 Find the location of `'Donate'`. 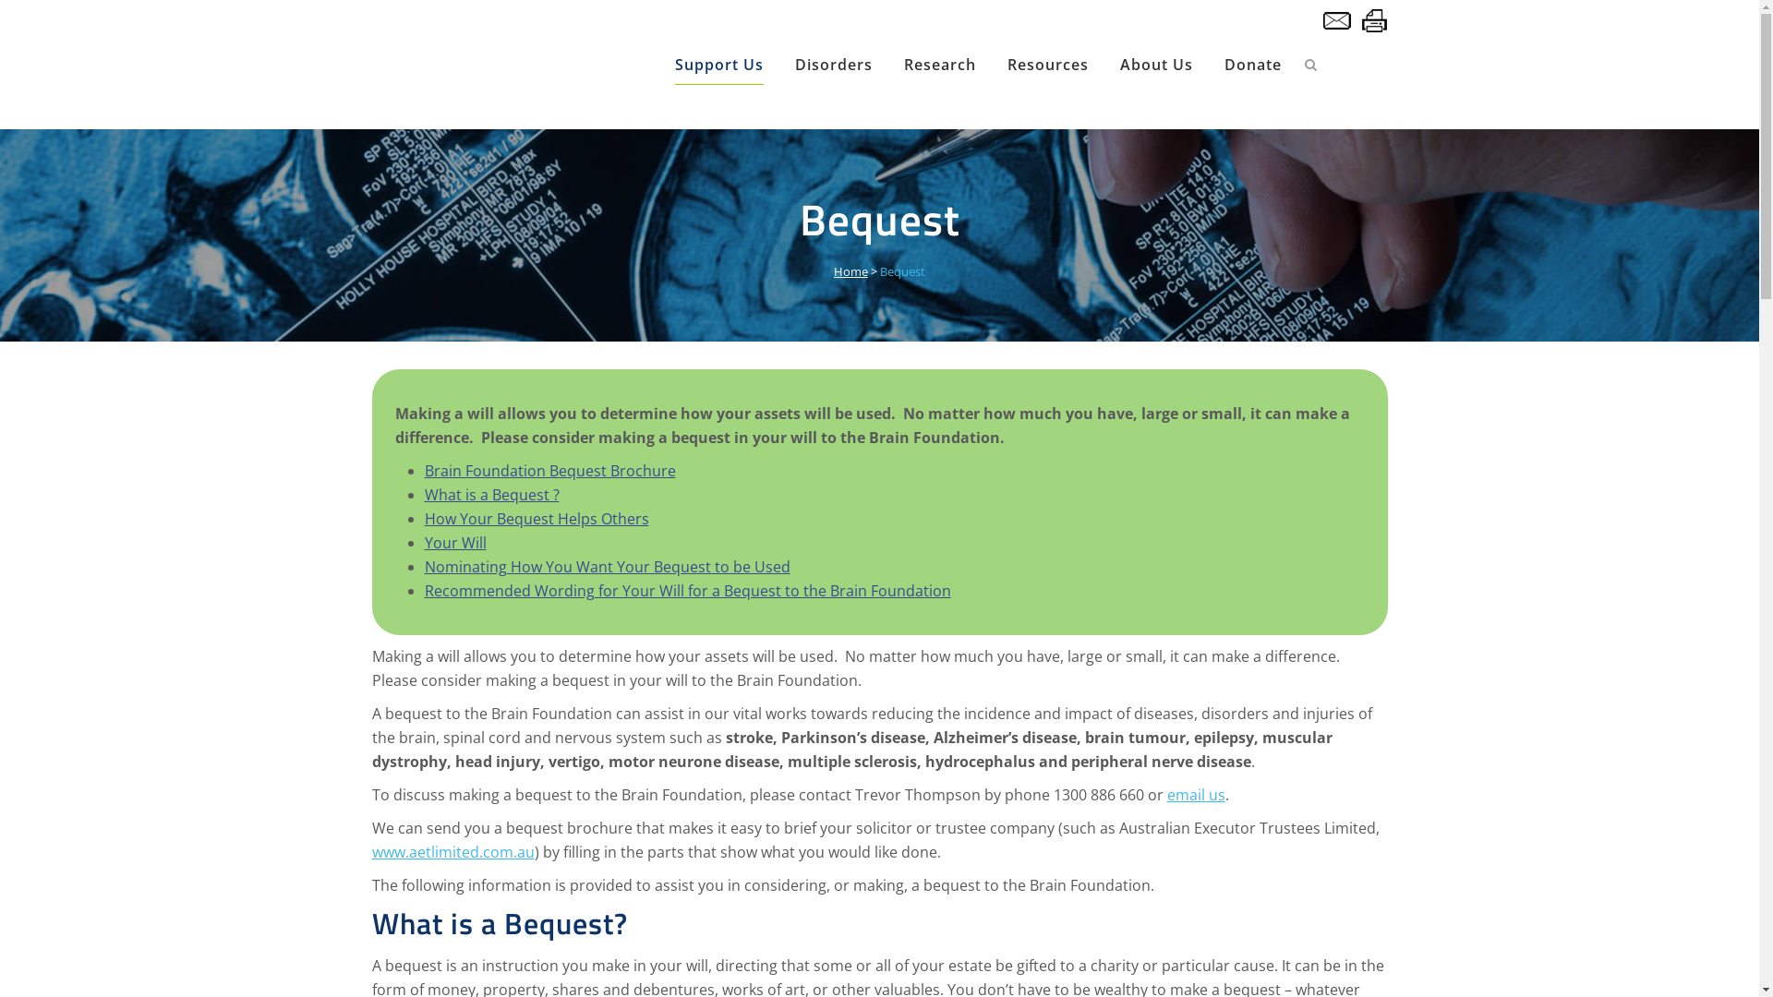

'Donate' is located at coordinates (1252, 63).